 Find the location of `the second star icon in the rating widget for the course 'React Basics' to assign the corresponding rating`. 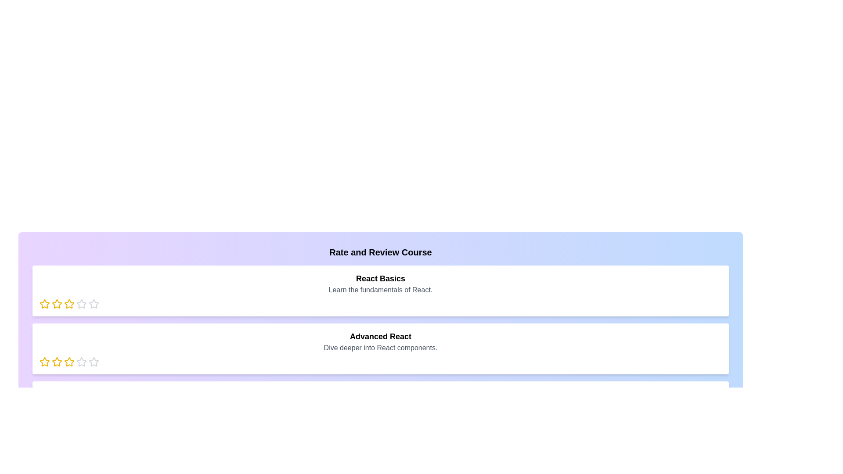

the second star icon in the rating widget for the course 'React Basics' to assign the corresponding rating is located at coordinates (69, 303).